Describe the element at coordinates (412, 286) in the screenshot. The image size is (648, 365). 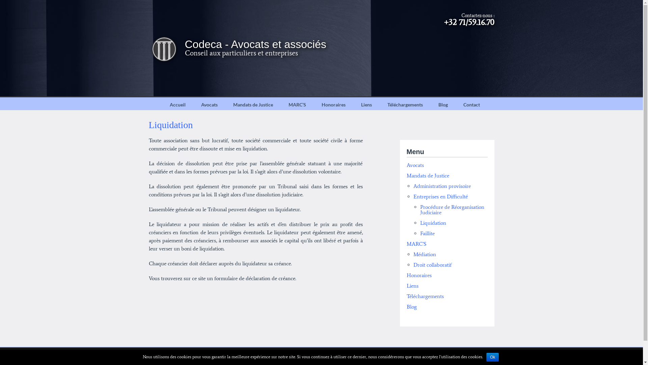
I see `'Liens'` at that location.